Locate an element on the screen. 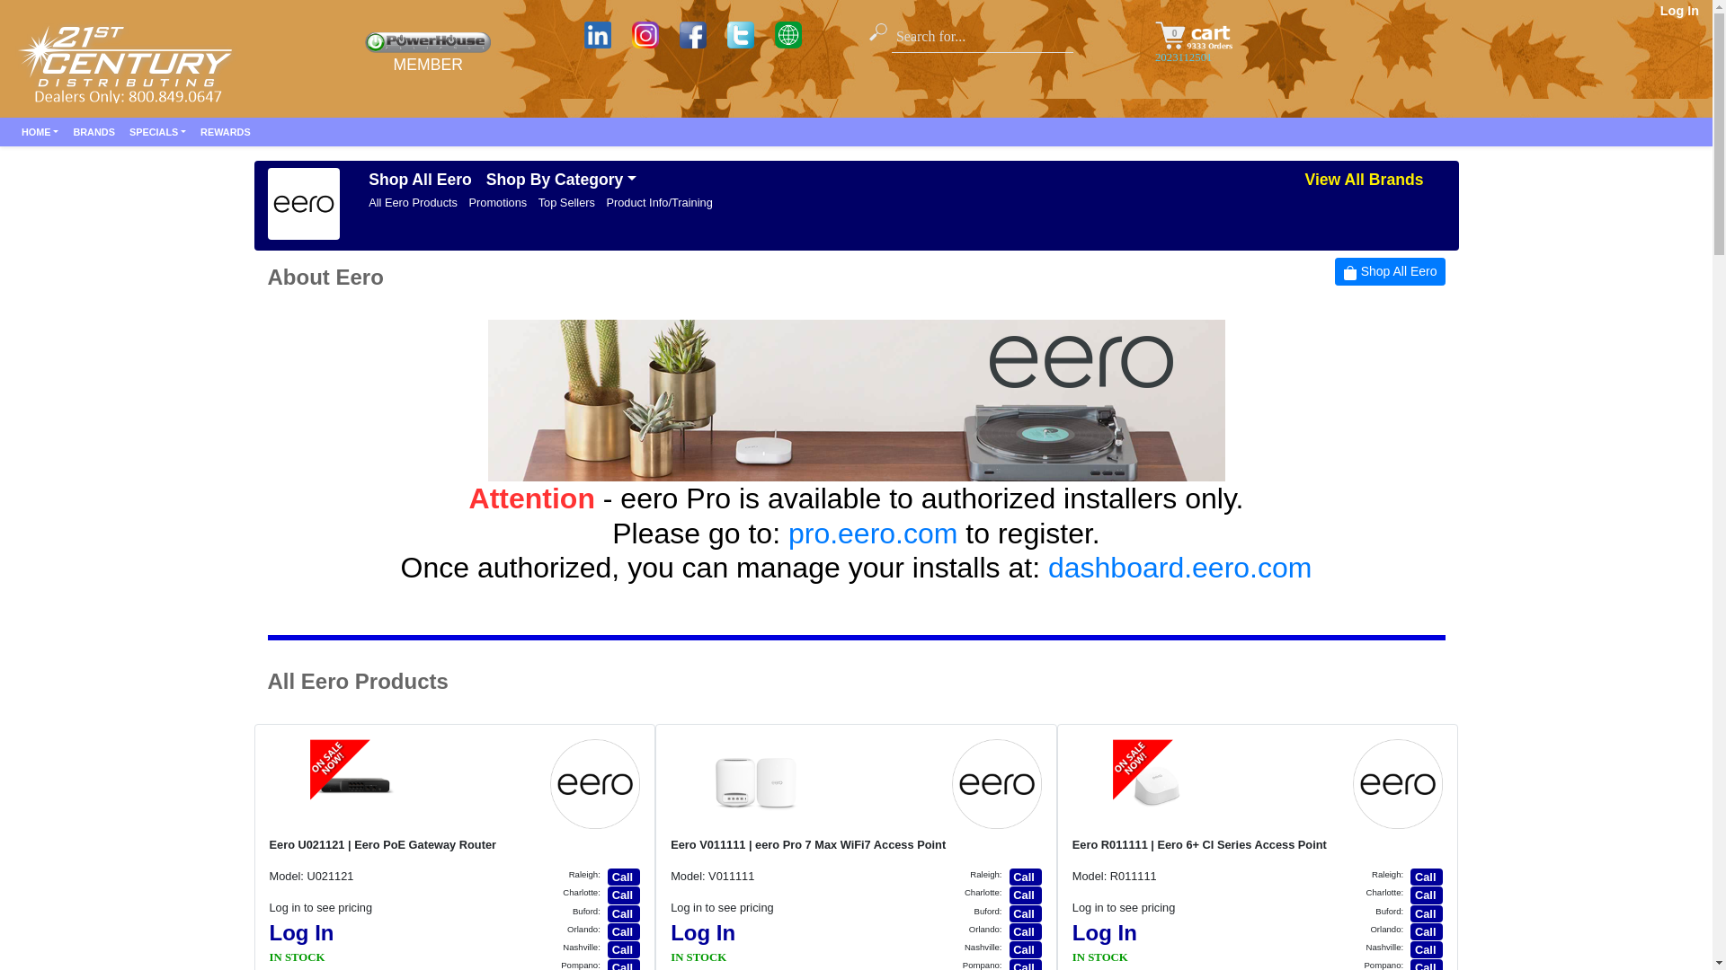  'pro.eero.com' is located at coordinates (873, 533).